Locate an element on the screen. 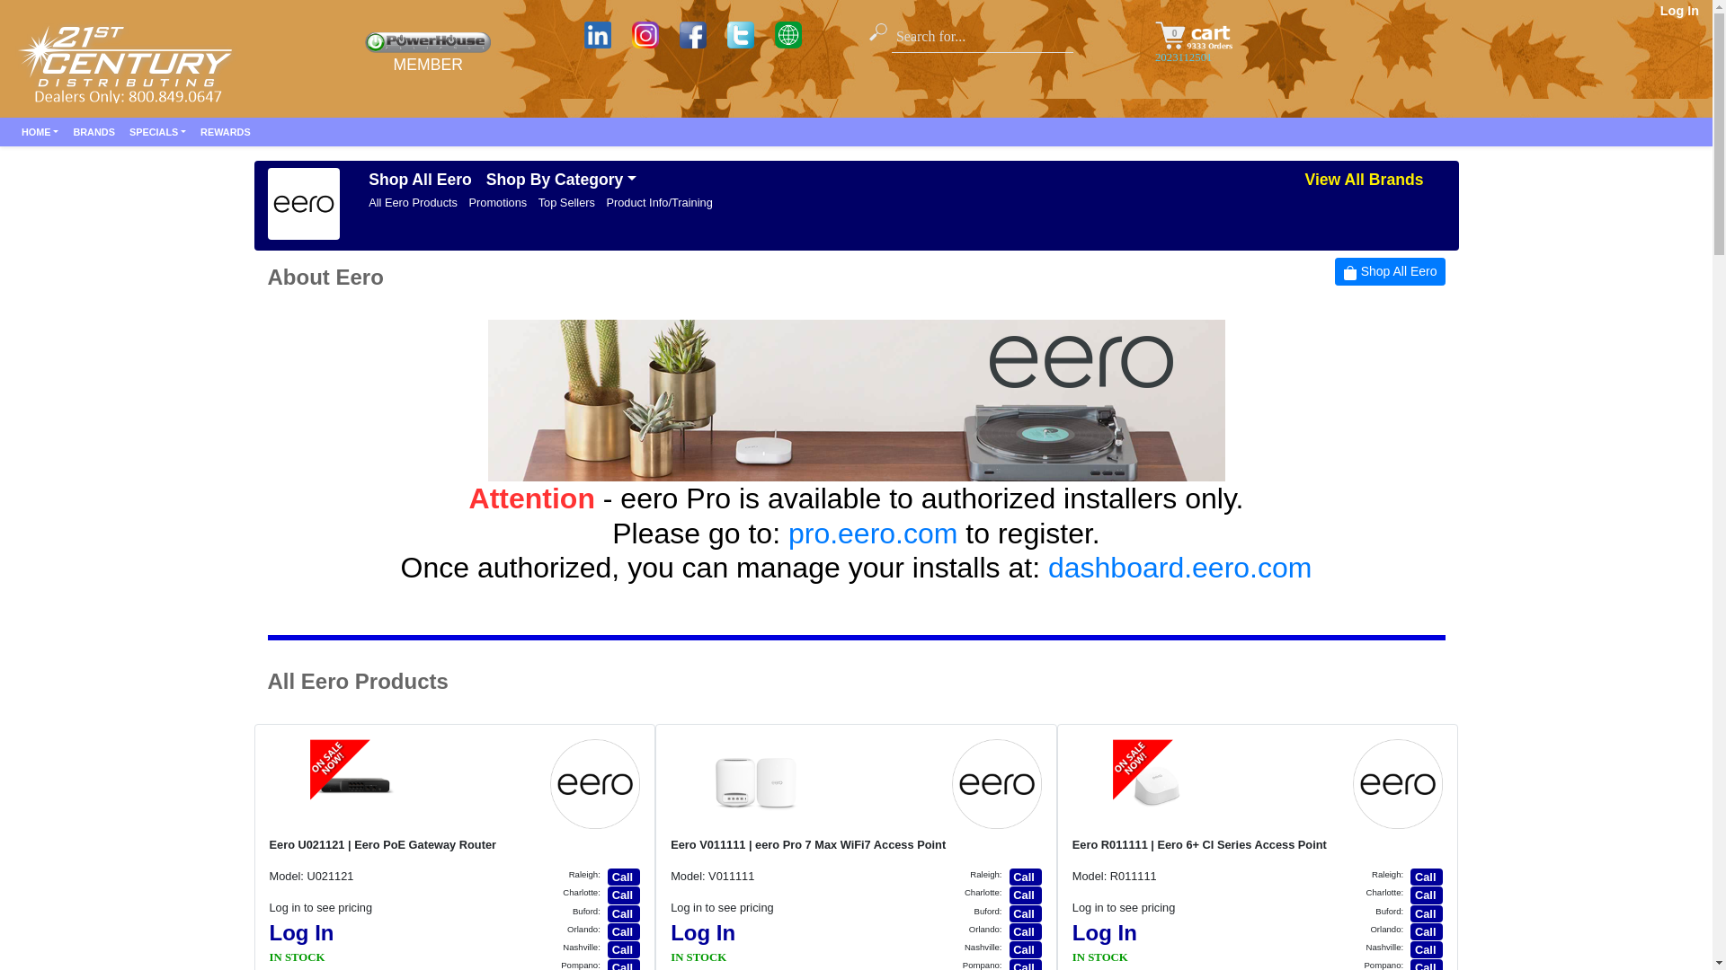  'pro.eero.com' is located at coordinates (873, 533).